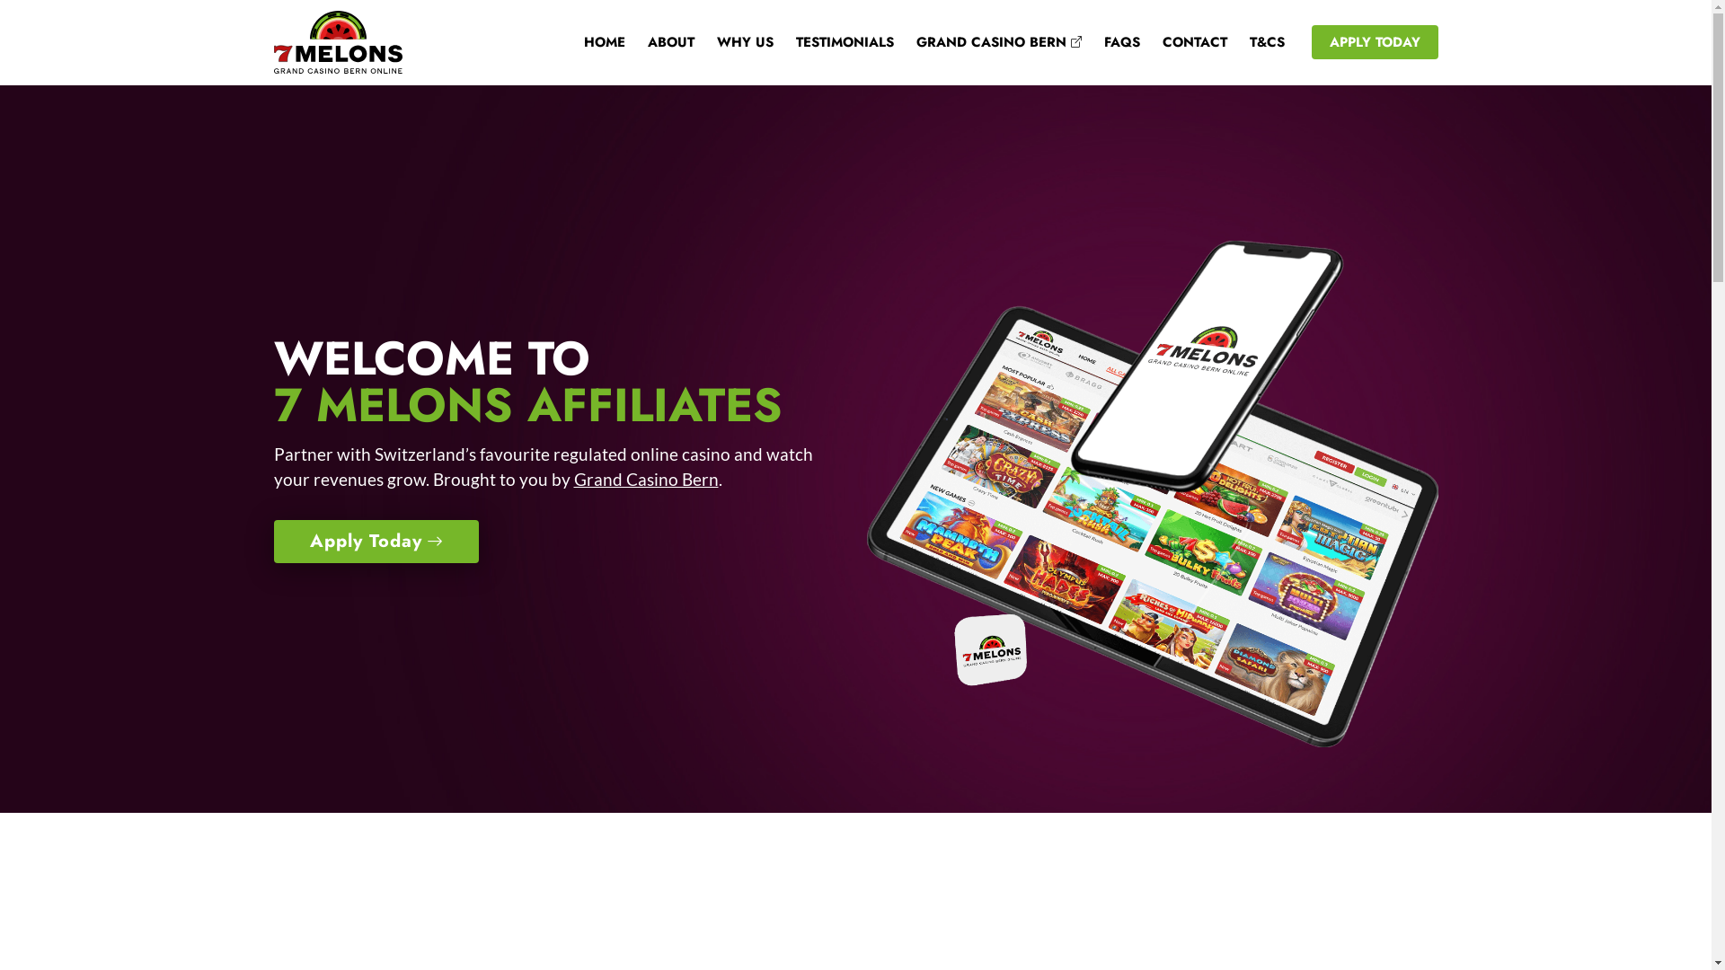  What do you see at coordinates (831, 41) in the screenshot?
I see `'TESTIMONIALS'` at bounding box center [831, 41].